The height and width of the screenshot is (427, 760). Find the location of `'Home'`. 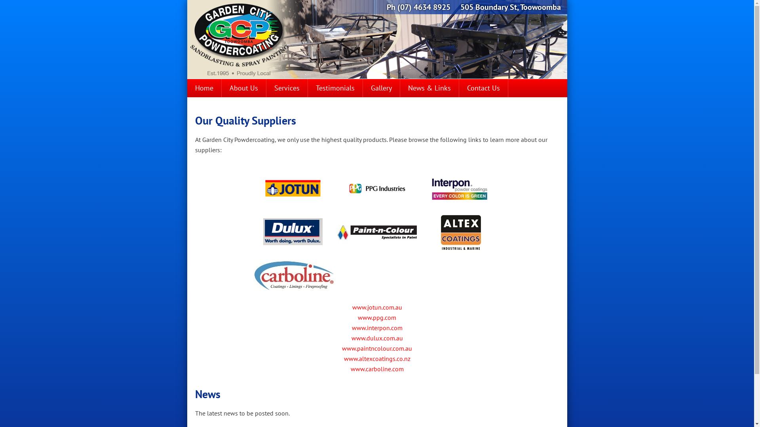

'Home' is located at coordinates (186, 88).